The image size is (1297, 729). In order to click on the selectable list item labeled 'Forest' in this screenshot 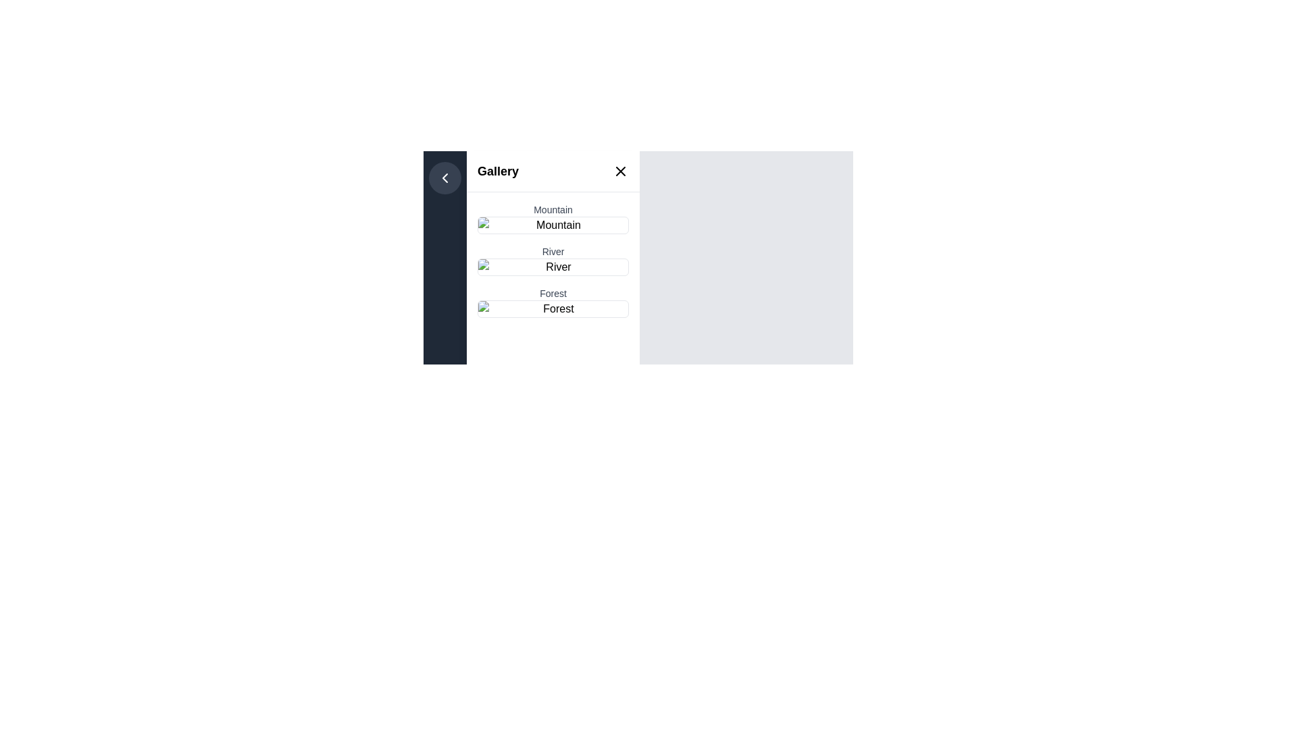, I will do `click(553, 301)`.